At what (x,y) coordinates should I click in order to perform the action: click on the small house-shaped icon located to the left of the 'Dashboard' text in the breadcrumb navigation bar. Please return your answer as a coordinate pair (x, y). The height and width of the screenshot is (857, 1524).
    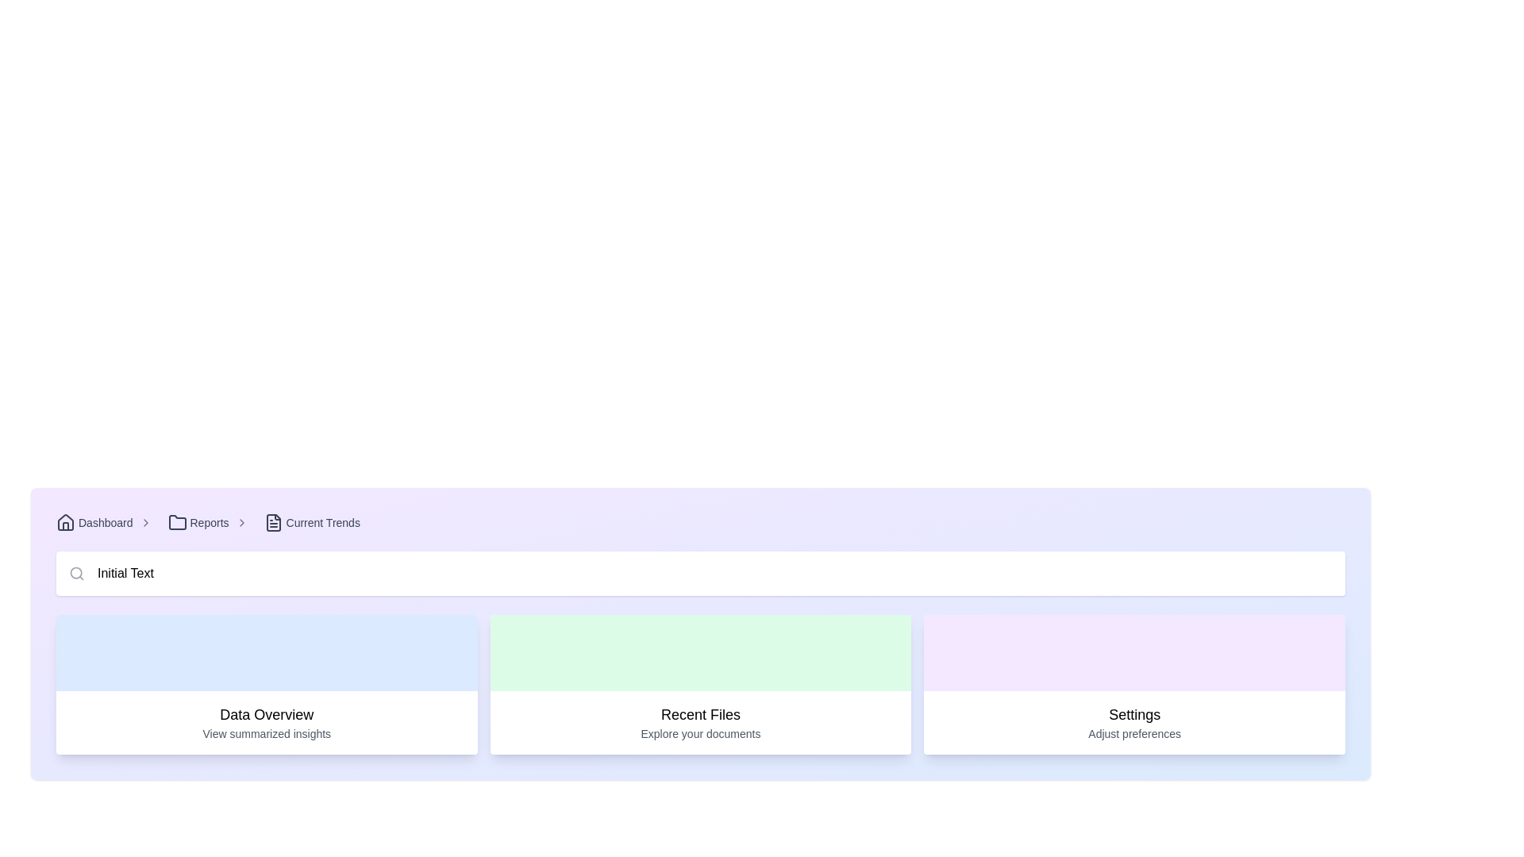
    Looking at the image, I should click on (64, 523).